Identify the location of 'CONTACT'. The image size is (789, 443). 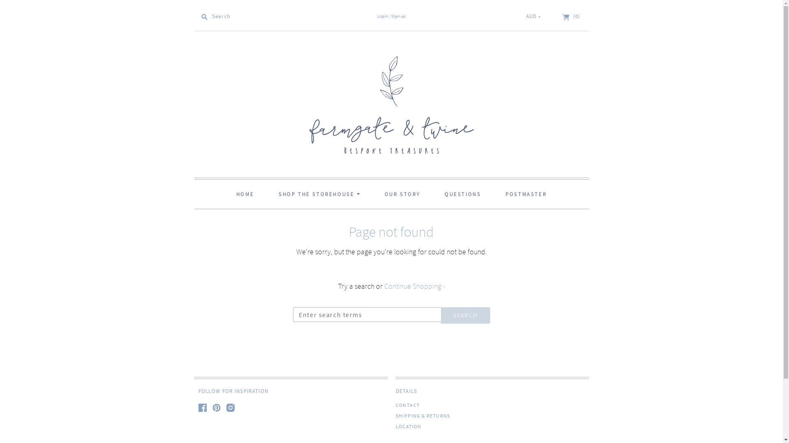
(407, 404).